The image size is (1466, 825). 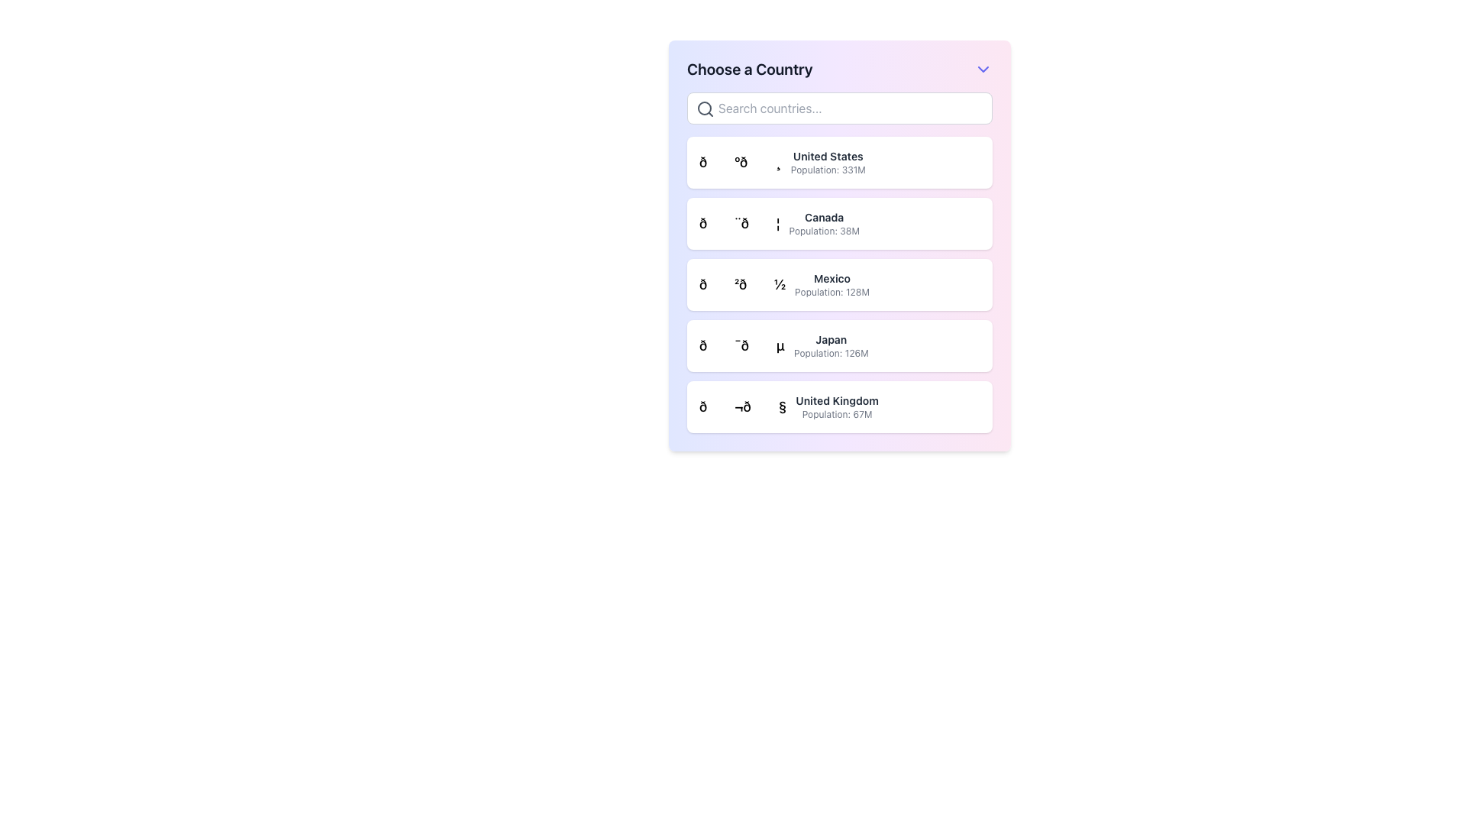 What do you see at coordinates (831, 285) in the screenshot?
I see `the text element displaying 'Mexico' and 'Population: 128M', which is positioned within the third item of a vertical list of options, adjacent to a flag icon` at bounding box center [831, 285].